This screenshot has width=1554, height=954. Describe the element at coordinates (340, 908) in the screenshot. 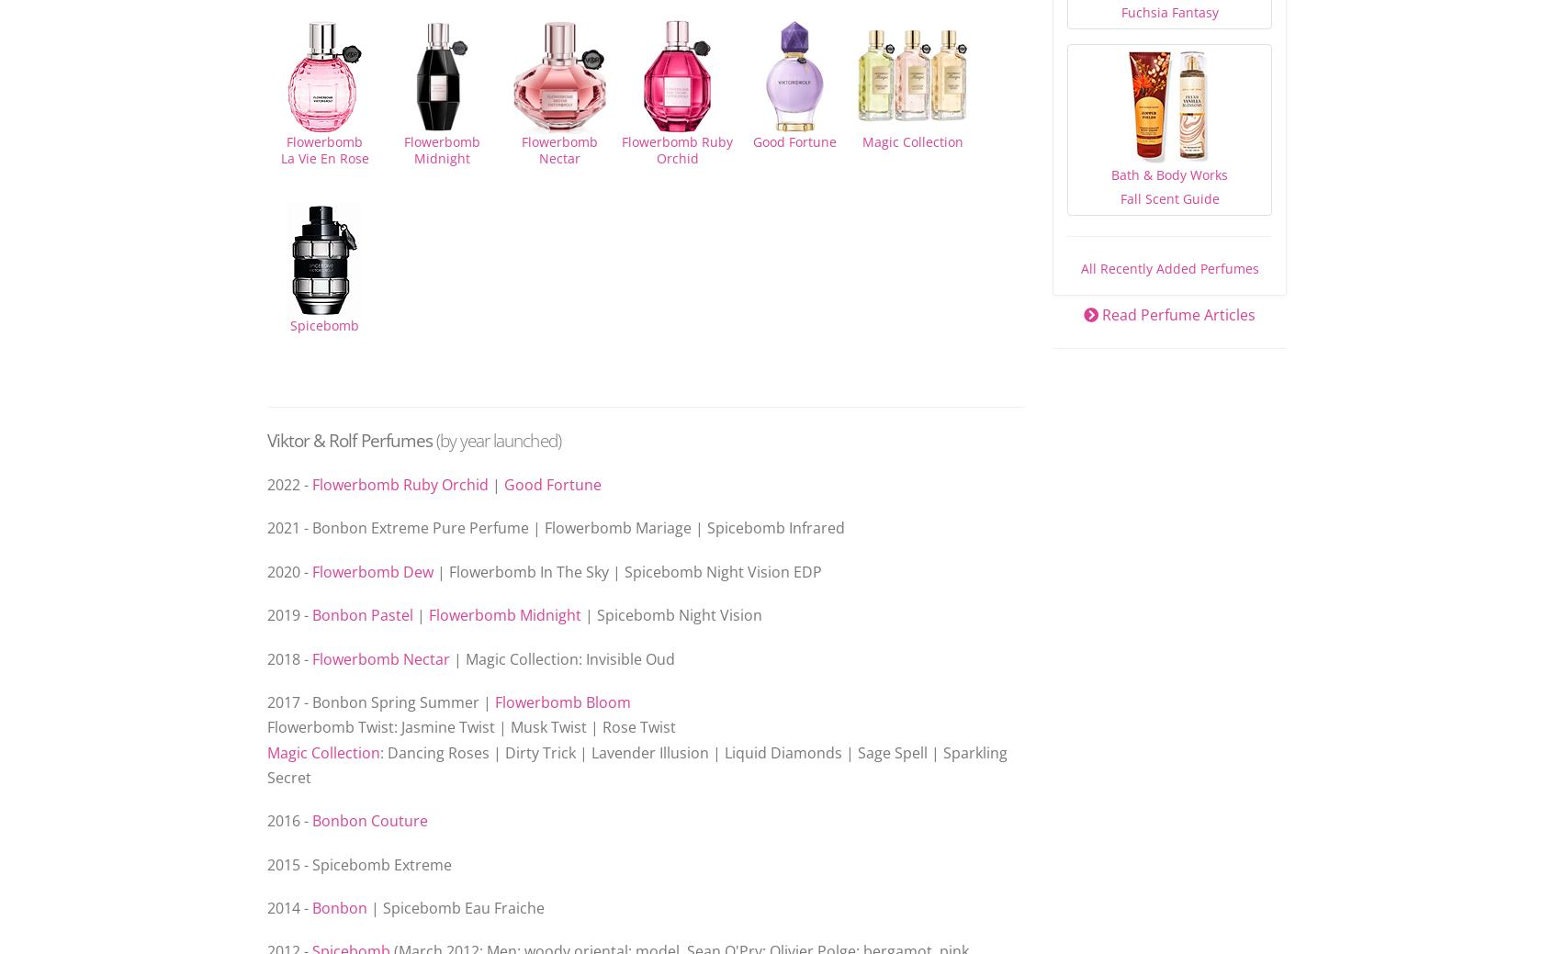

I see `'Bonbon'` at that location.